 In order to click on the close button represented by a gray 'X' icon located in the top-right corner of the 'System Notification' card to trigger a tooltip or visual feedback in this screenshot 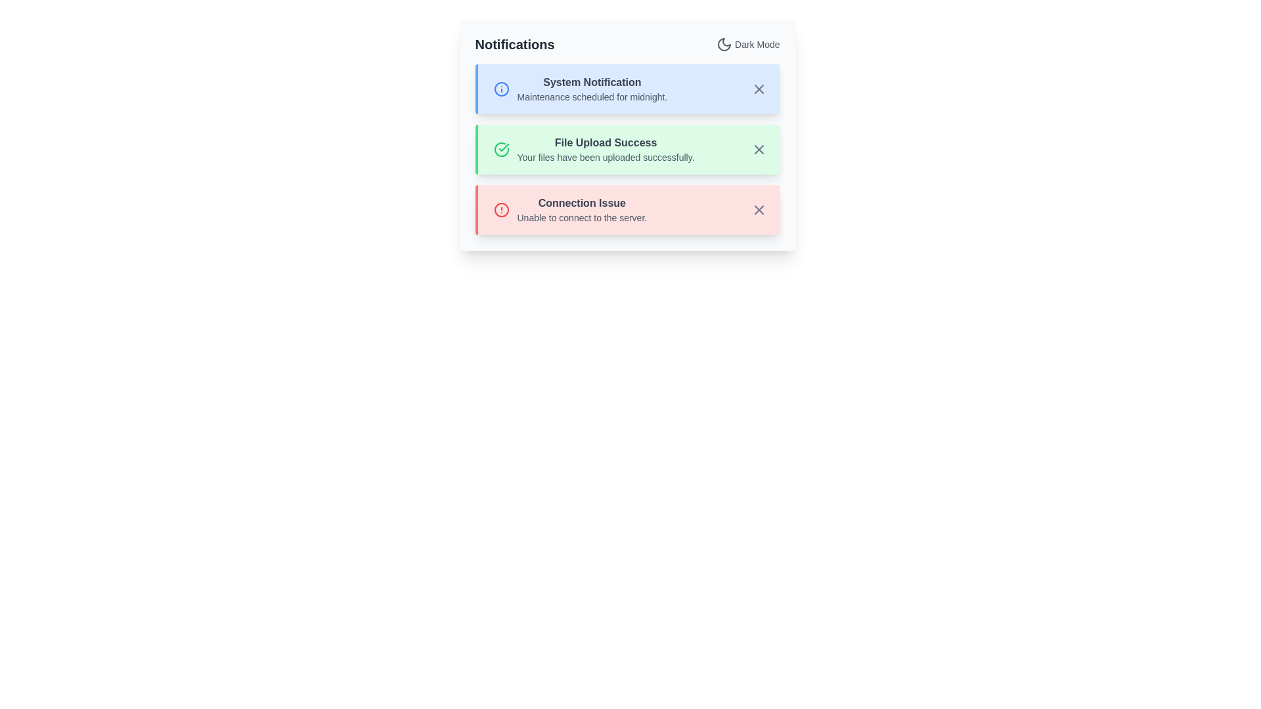, I will do `click(759, 89)`.